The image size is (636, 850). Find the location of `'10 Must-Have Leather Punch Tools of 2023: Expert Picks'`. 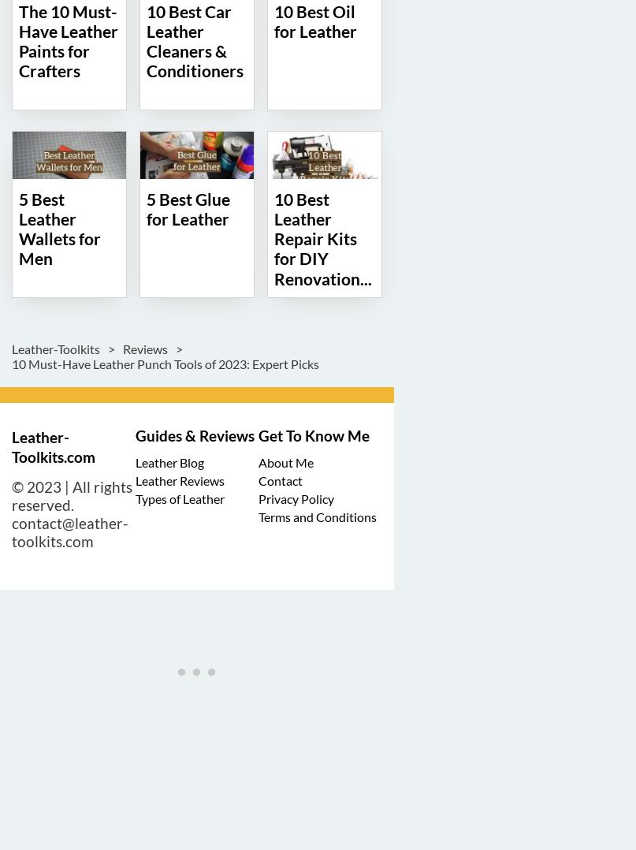

'10 Must-Have Leather Punch Tools of 2023: Expert Picks' is located at coordinates (12, 363).